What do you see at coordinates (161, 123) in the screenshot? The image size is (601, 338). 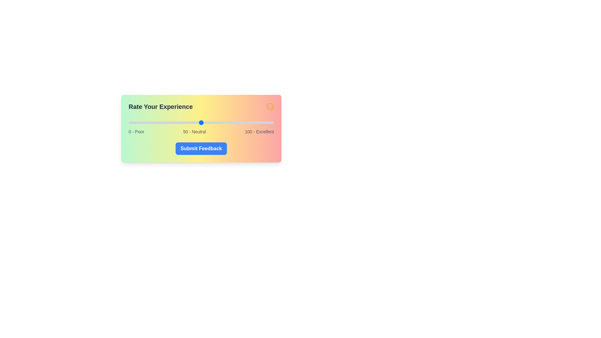 I see `the satisfaction slider to 22 value` at bounding box center [161, 123].